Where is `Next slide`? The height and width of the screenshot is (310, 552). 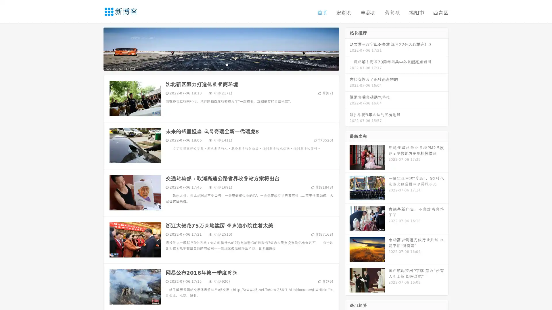
Next slide is located at coordinates (347, 48).